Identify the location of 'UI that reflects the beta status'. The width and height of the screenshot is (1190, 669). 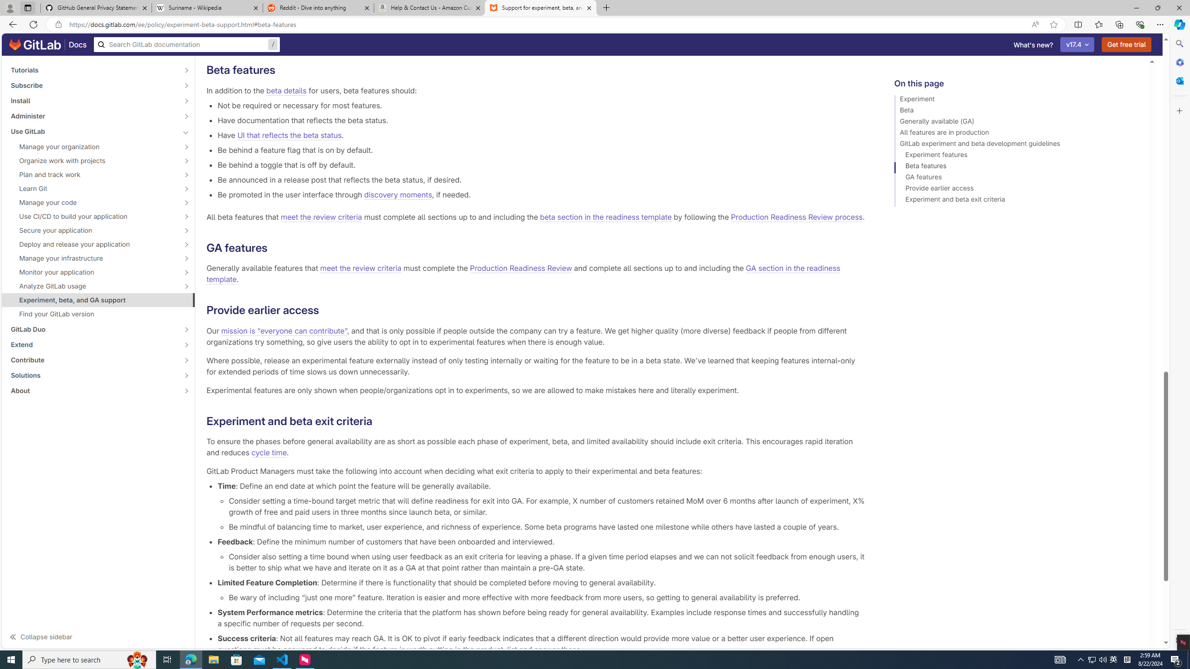
(289, 135).